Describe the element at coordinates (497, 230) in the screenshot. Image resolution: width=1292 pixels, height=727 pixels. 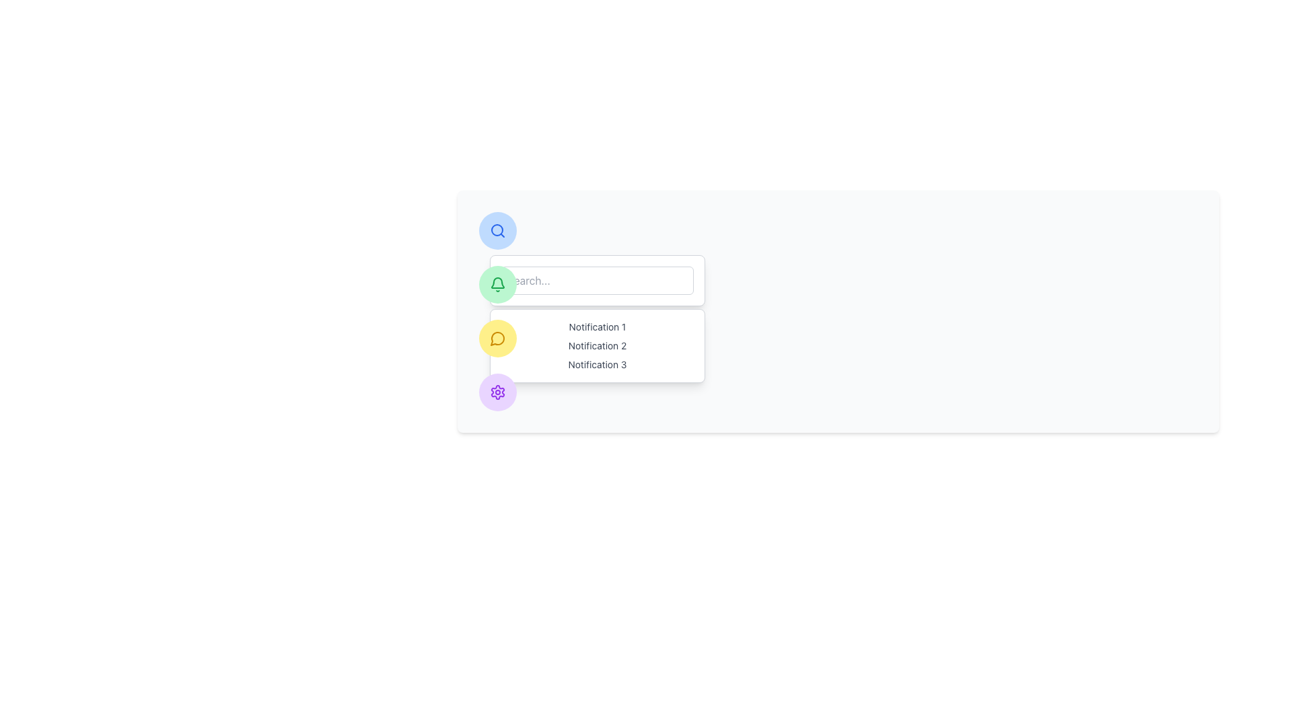
I see `the blue magnifying glass icon within the rounded blue circular button located at the top-left of the vertical stack of icons` at that location.